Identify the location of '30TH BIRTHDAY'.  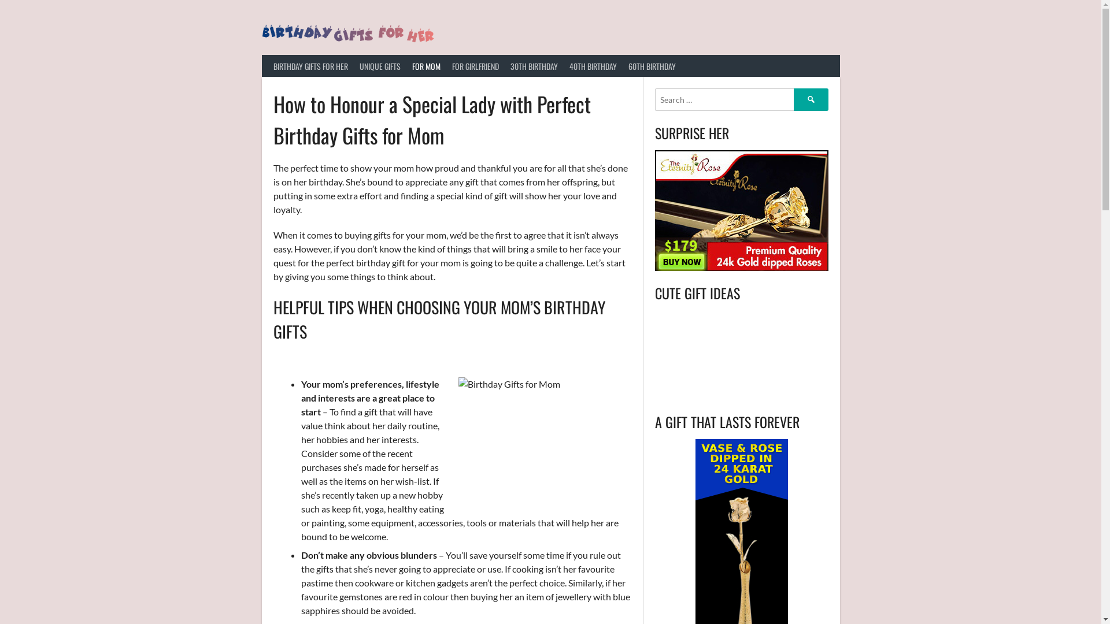
(532, 66).